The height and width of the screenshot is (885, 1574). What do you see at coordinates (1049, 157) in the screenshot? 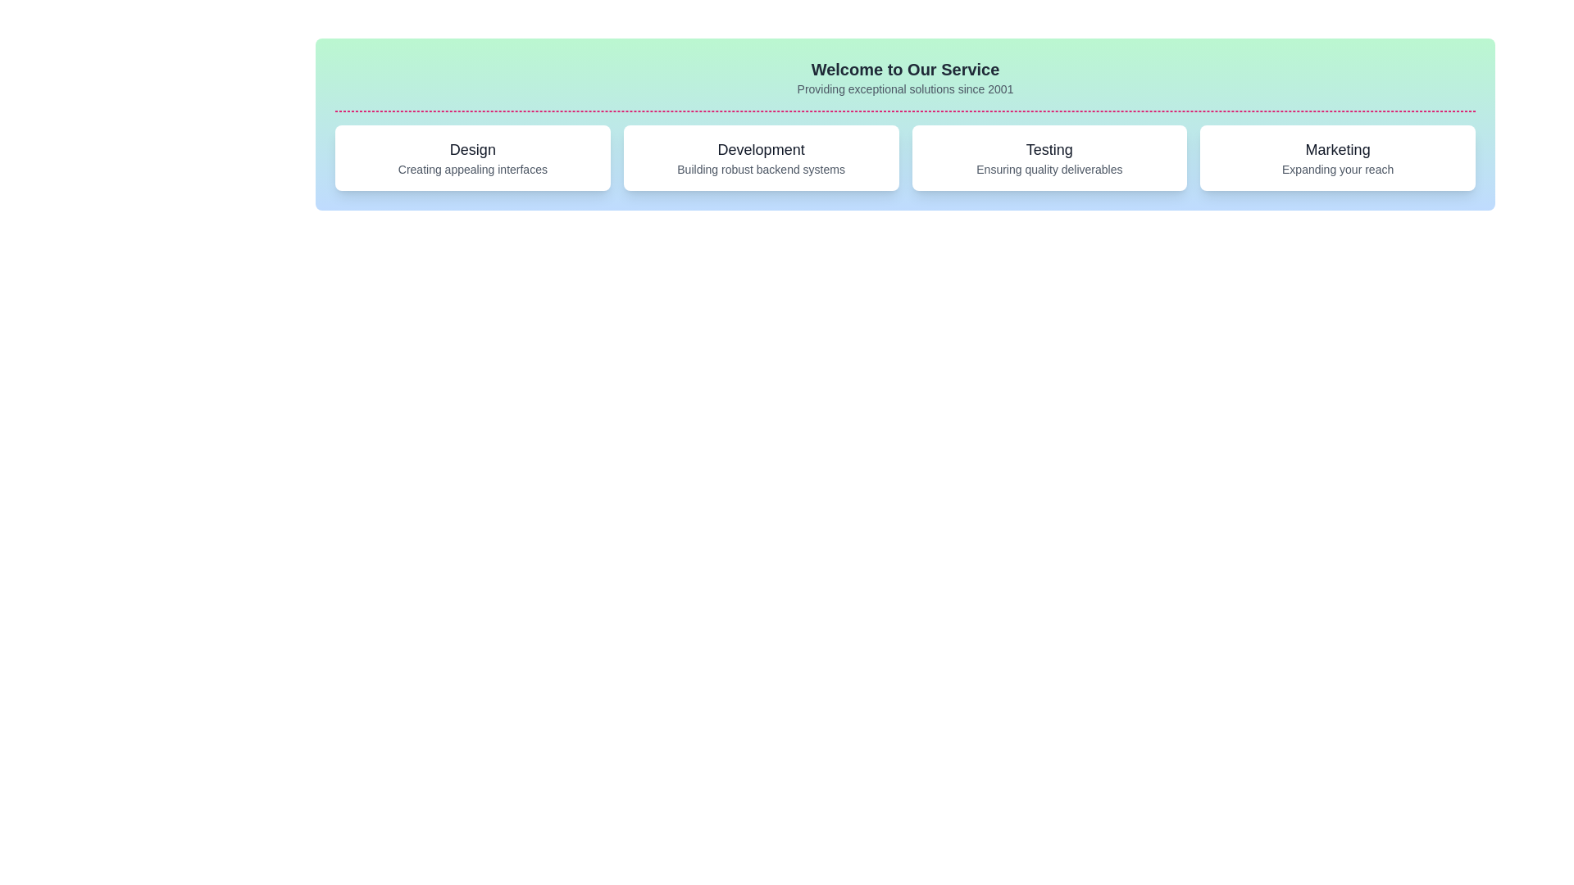
I see `the Informational Card that provides details about 'Testing', positioned as the third card in a grid of four cards, centrally located in its row` at bounding box center [1049, 157].